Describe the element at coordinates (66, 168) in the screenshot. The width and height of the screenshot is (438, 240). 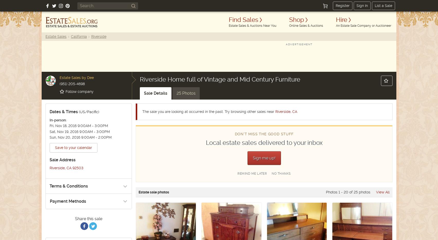
I see `'Riverside, CA 92503'` at that location.